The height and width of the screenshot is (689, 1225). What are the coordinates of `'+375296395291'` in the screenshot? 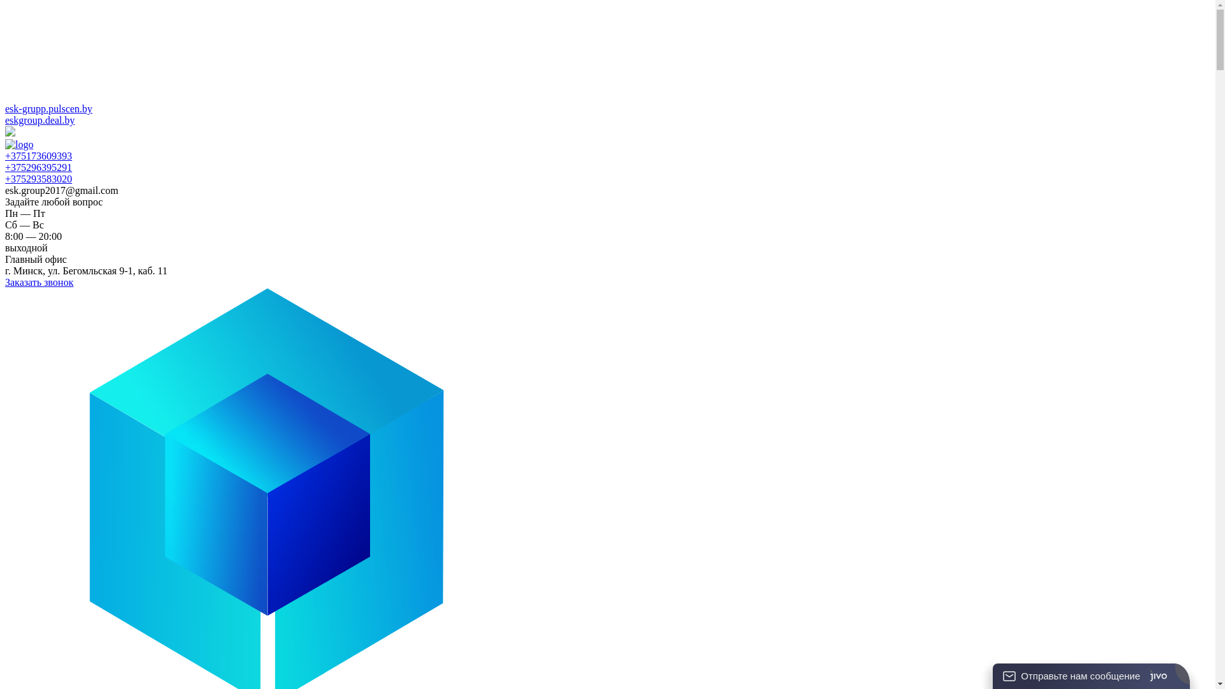 It's located at (38, 167).